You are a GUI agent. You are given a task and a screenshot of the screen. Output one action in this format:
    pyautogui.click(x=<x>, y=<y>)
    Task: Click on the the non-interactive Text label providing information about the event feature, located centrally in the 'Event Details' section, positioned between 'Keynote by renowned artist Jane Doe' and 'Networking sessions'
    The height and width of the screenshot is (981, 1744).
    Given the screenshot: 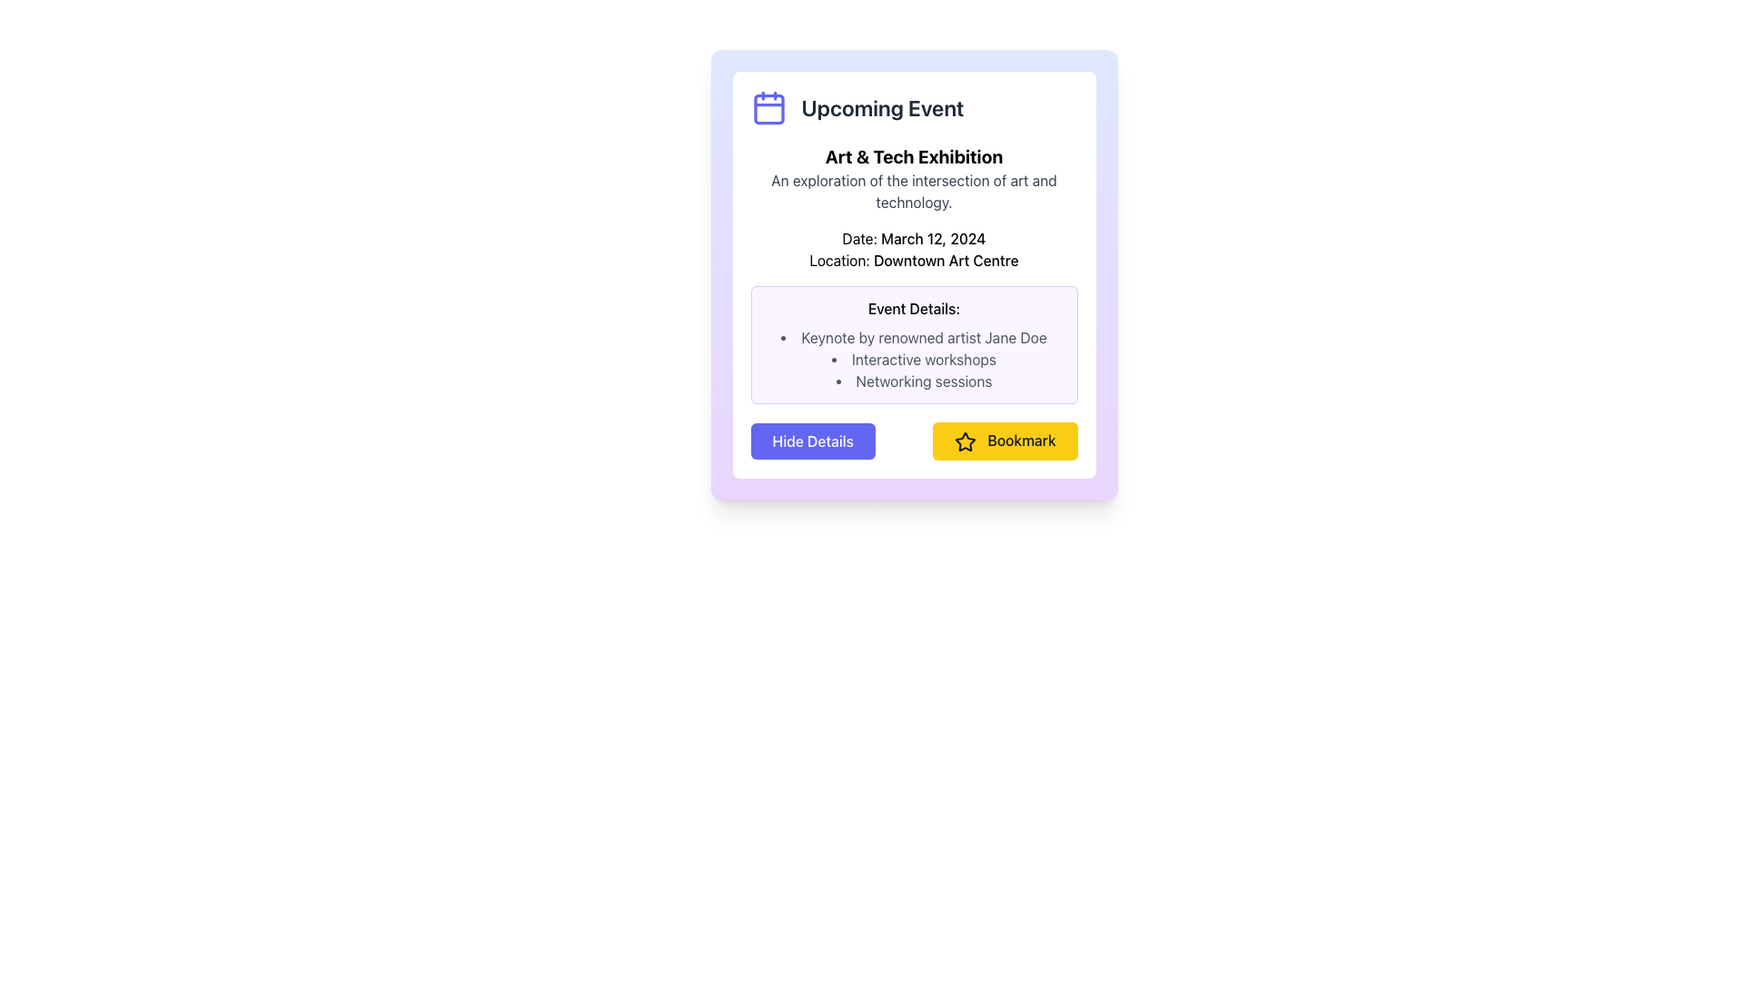 What is the action you would take?
    pyautogui.click(x=914, y=360)
    